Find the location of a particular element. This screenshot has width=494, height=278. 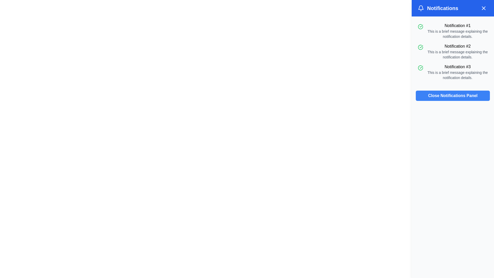

the close button located at the bottom right of the notification panel to interact via keyboard is located at coordinates (453, 95).